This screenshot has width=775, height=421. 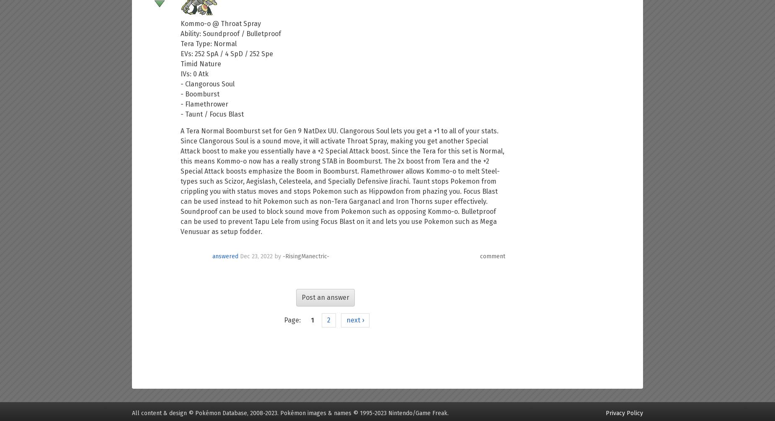 I want to click on 'A Tera Normal Boomburst set for Gen 9 NatDex UU. Clangorous Soul lets you get a +1 to all of your stats. Since Clangorous Soul is a sound move, it will activate Throat Spray, making you get another Special Attack boost to make you essentially have a +2 Special Attack boost. Since the Tera for this set is Normal, this means Kommo-o now has a really strong STAB in Boomburst. The 2x boost from Tera and the +2 Special Attack boosts emphasize the Boom in Boomburst. Flamethrower allows Kommo-o to melt Steel-types such as Scizor, Aegislash, Celesteela, and Specially Defensive Jirachi. Taunt stops Pokemon from crippling you with status moves and stops Pokemon such as Hippowdon from phazing you. Focus Blast can be used instead to hit Pokemon such as non-Tera Garganacl and Iron Thorns super effectively. Soundproof can be used to block sound move from Pokemon such as opposing Kommo-o. Bulletproof can be used to prevent Tapu Lele from using Focus Blast on it and lets you use Pokemon such as Mega Venusuar as setup fodder.', so click(x=342, y=181).